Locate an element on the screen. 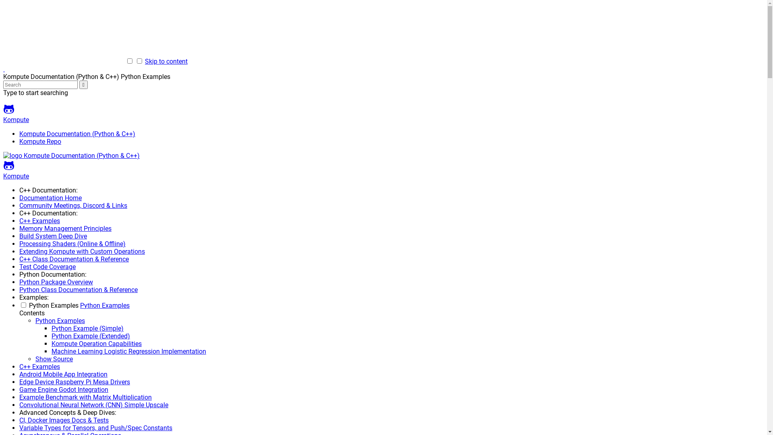 This screenshot has width=773, height=435. 'Variable Types for Tensors, and Push/Spec Constants' is located at coordinates (96, 427).